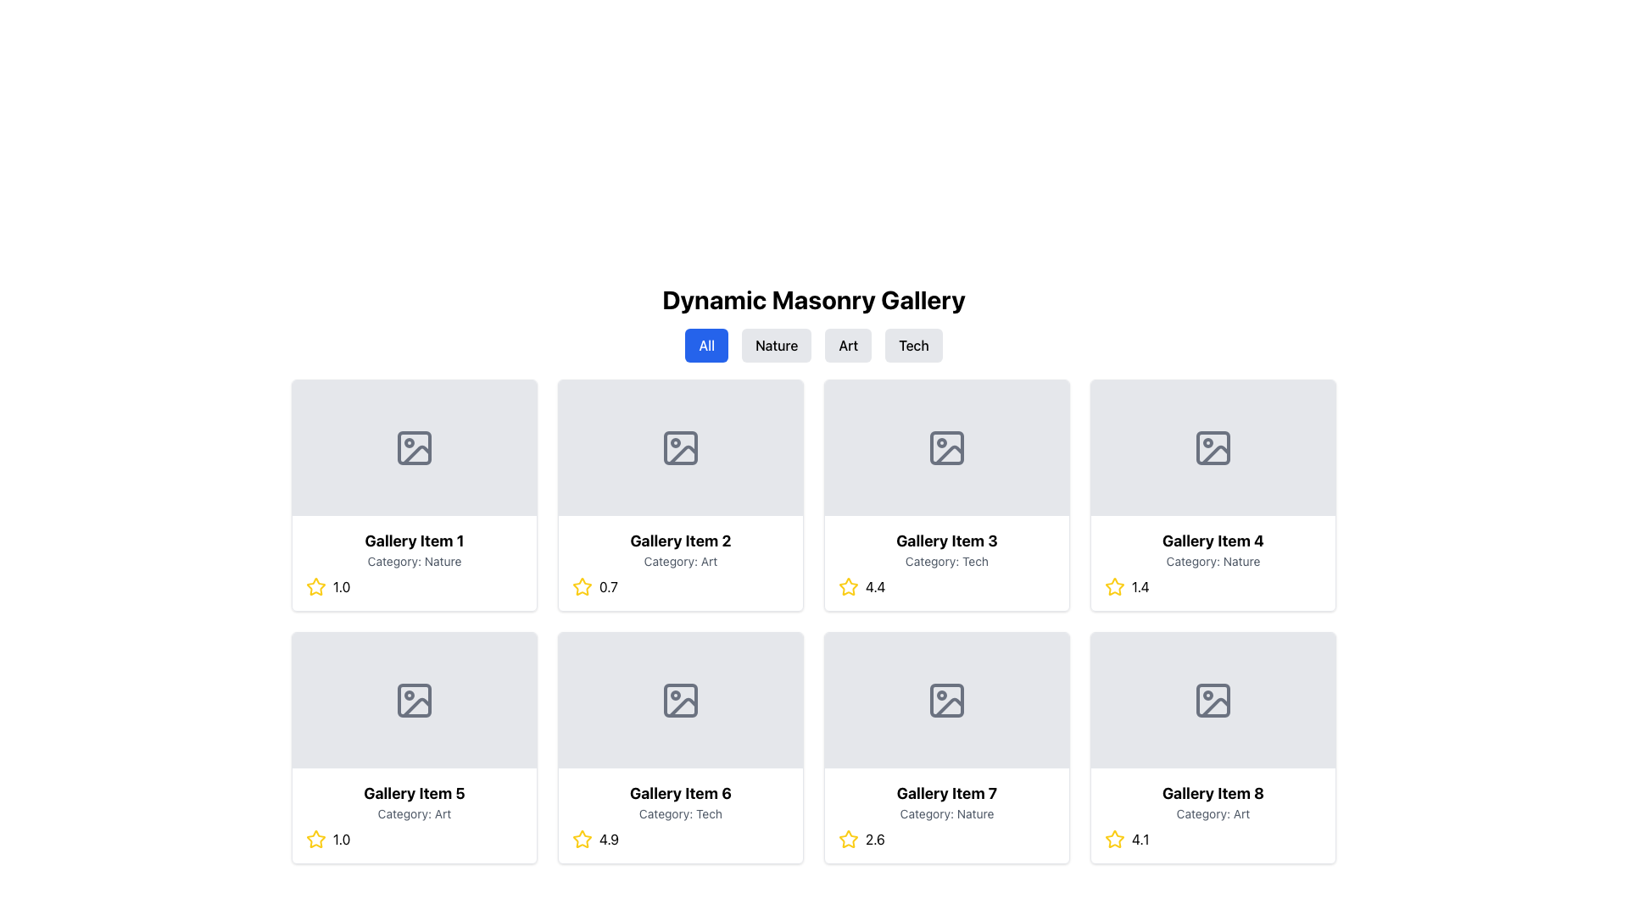  What do you see at coordinates (849, 840) in the screenshot?
I see `the yellow star outline icon located in the seventh gallery item, positioned left of the rating text '2.6'` at bounding box center [849, 840].